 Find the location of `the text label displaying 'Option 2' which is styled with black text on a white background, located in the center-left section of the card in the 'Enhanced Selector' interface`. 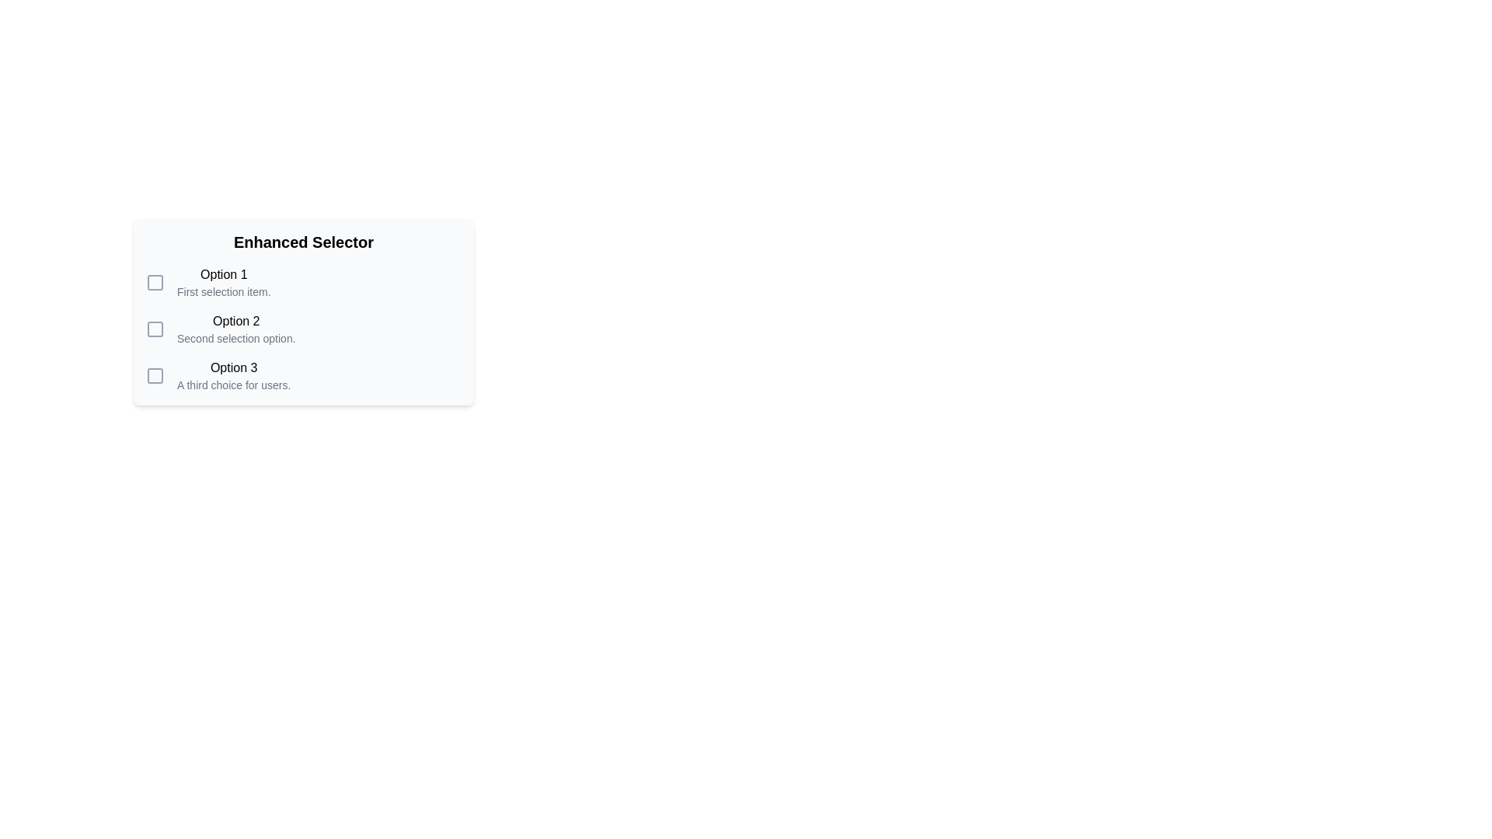

the text label displaying 'Option 2' which is styled with black text on a white background, located in the center-left section of the card in the 'Enhanced Selector' interface is located at coordinates (235, 320).